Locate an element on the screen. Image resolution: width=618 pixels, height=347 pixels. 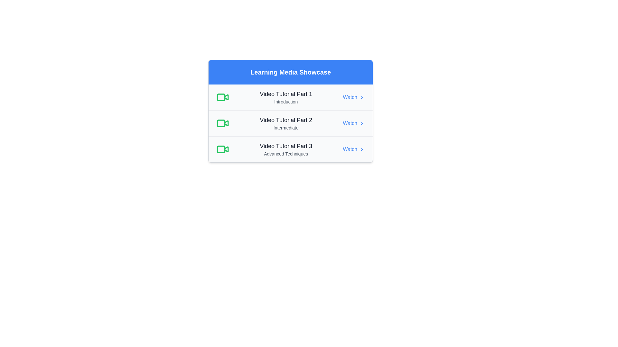
the text label displaying 'Video Tutorial Part 3' with the subheader 'Advanced Techniques' is located at coordinates (286, 149).